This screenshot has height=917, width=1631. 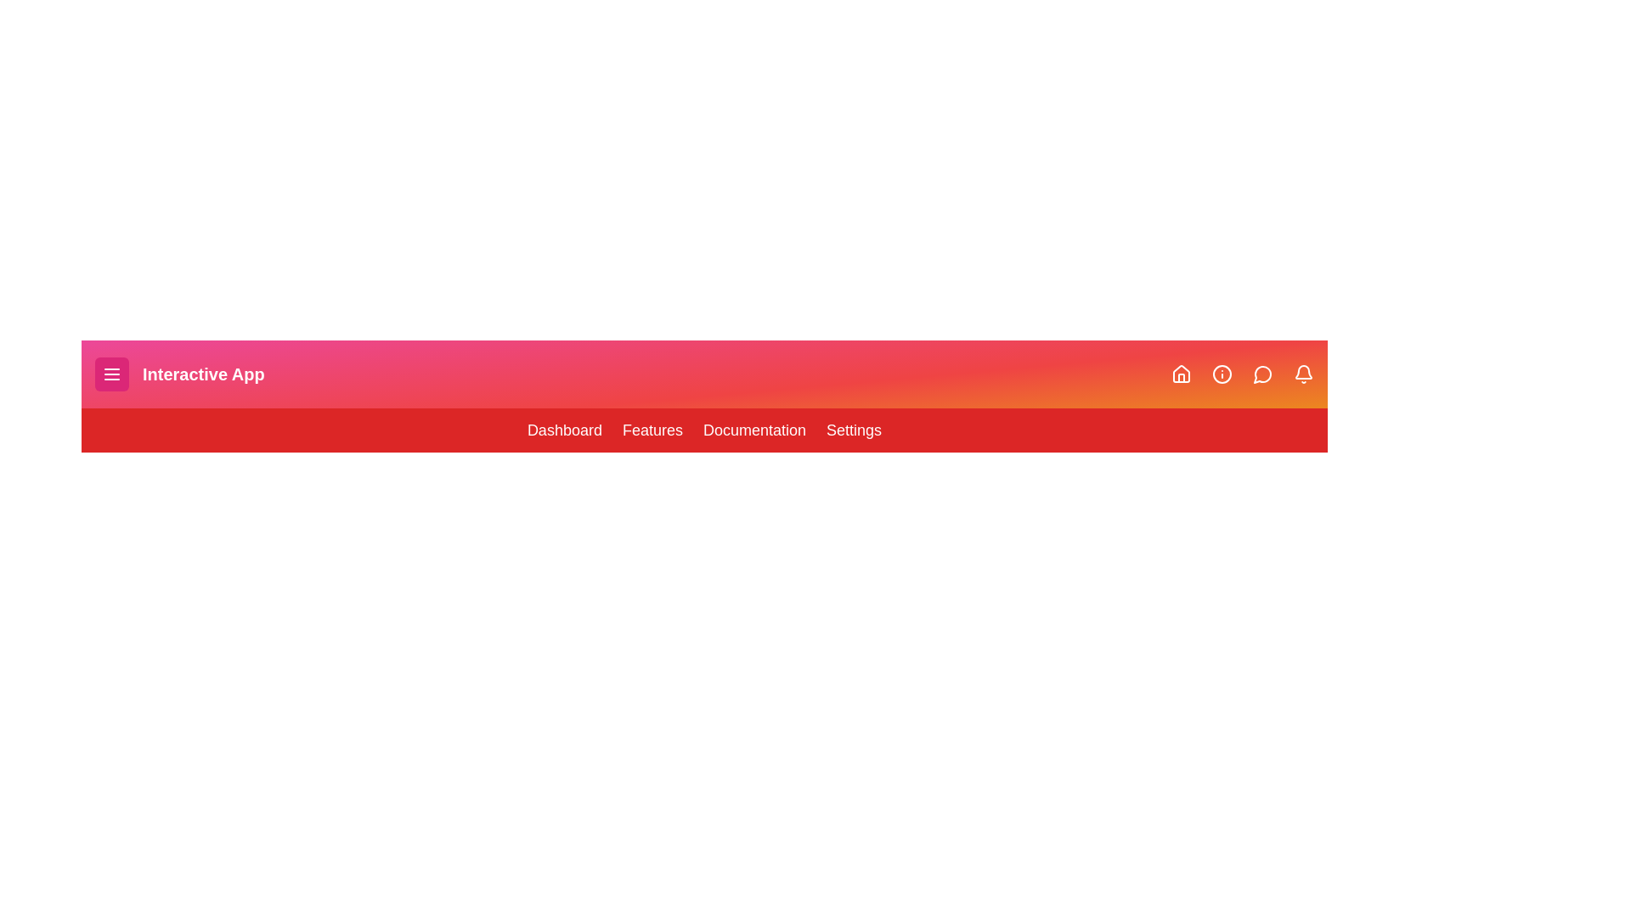 What do you see at coordinates (564, 429) in the screenshot?
I see `the menu item Dashboard from the menu bar` at bounding box center [564, 429].